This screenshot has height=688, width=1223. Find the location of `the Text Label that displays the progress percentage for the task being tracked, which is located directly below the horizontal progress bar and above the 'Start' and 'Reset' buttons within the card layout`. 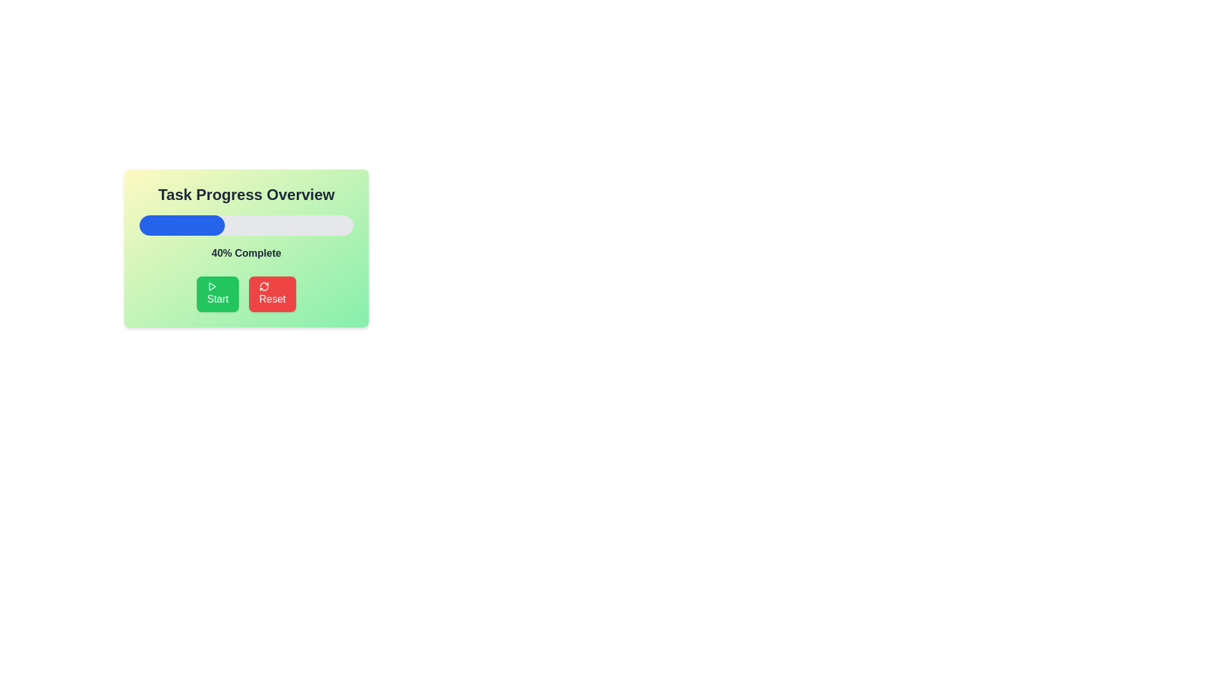

the Text Label that displays the progress percentage for the task being tracked, which is located directly below the horizontal progress bar and above the 'Start' and 'Reset' buttons within the card layout is located at coordinates (247, 253).